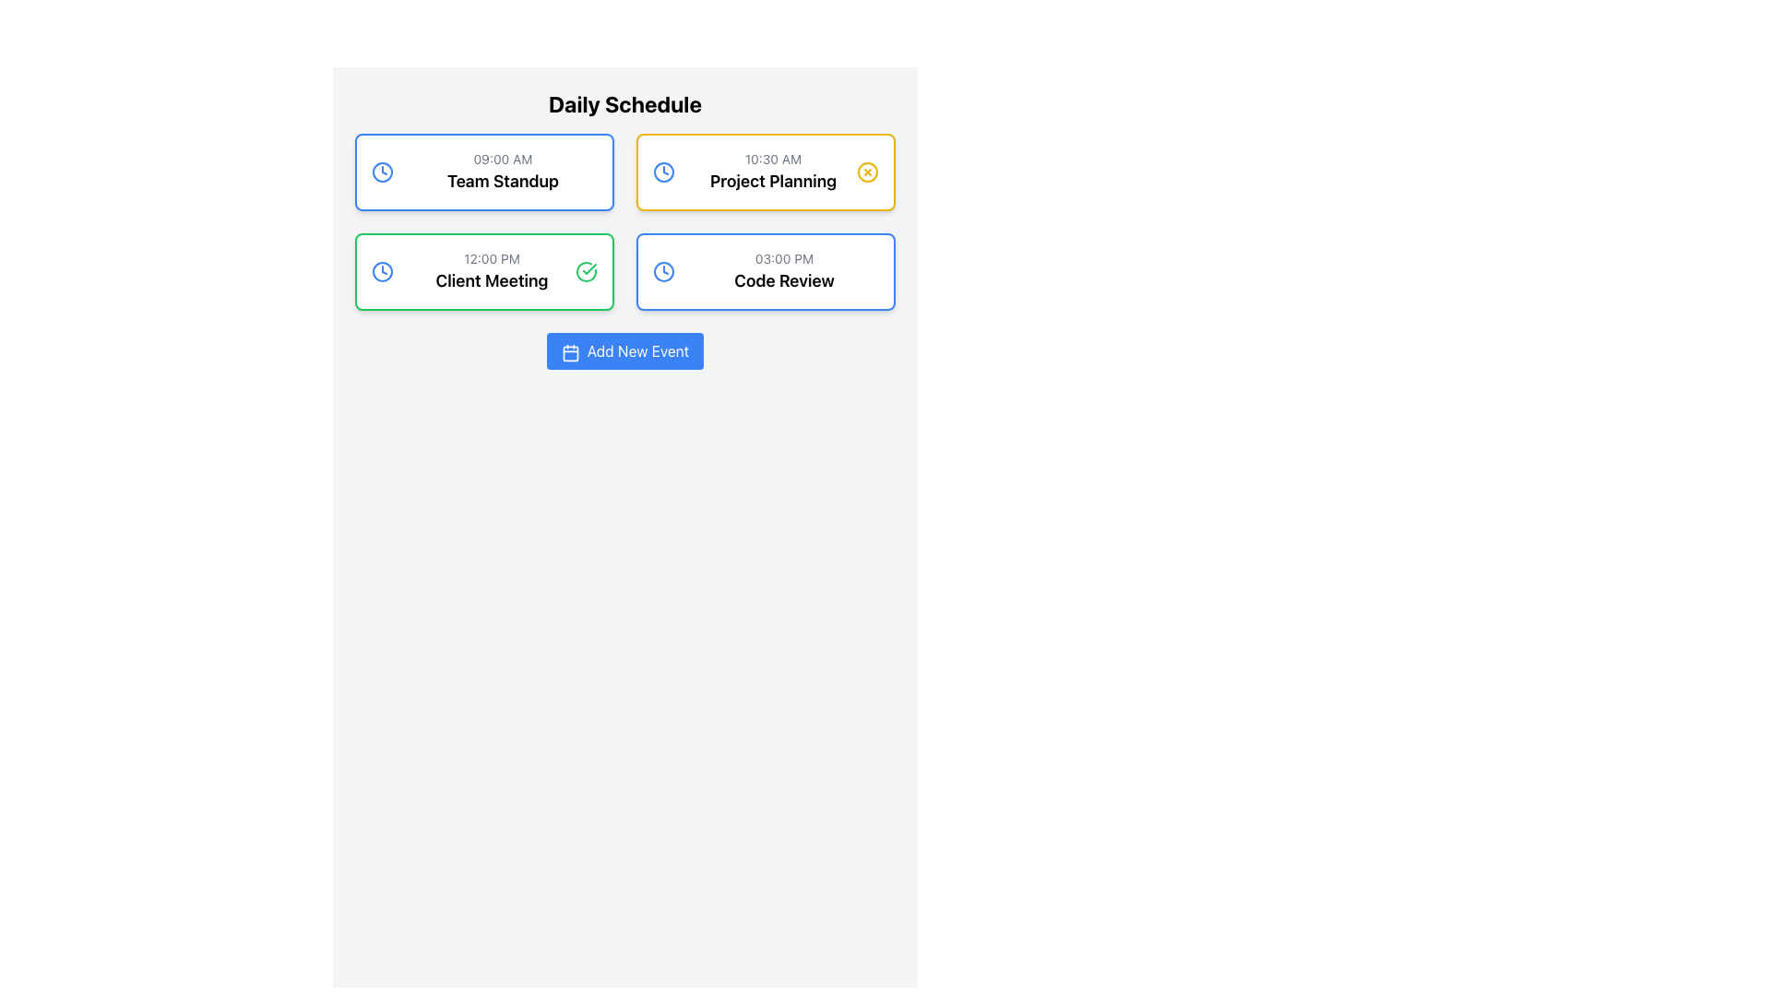  I want to click on the event card located in the bottom-right corner of the grid layout that displays the event title and start time, so click(766, 271).